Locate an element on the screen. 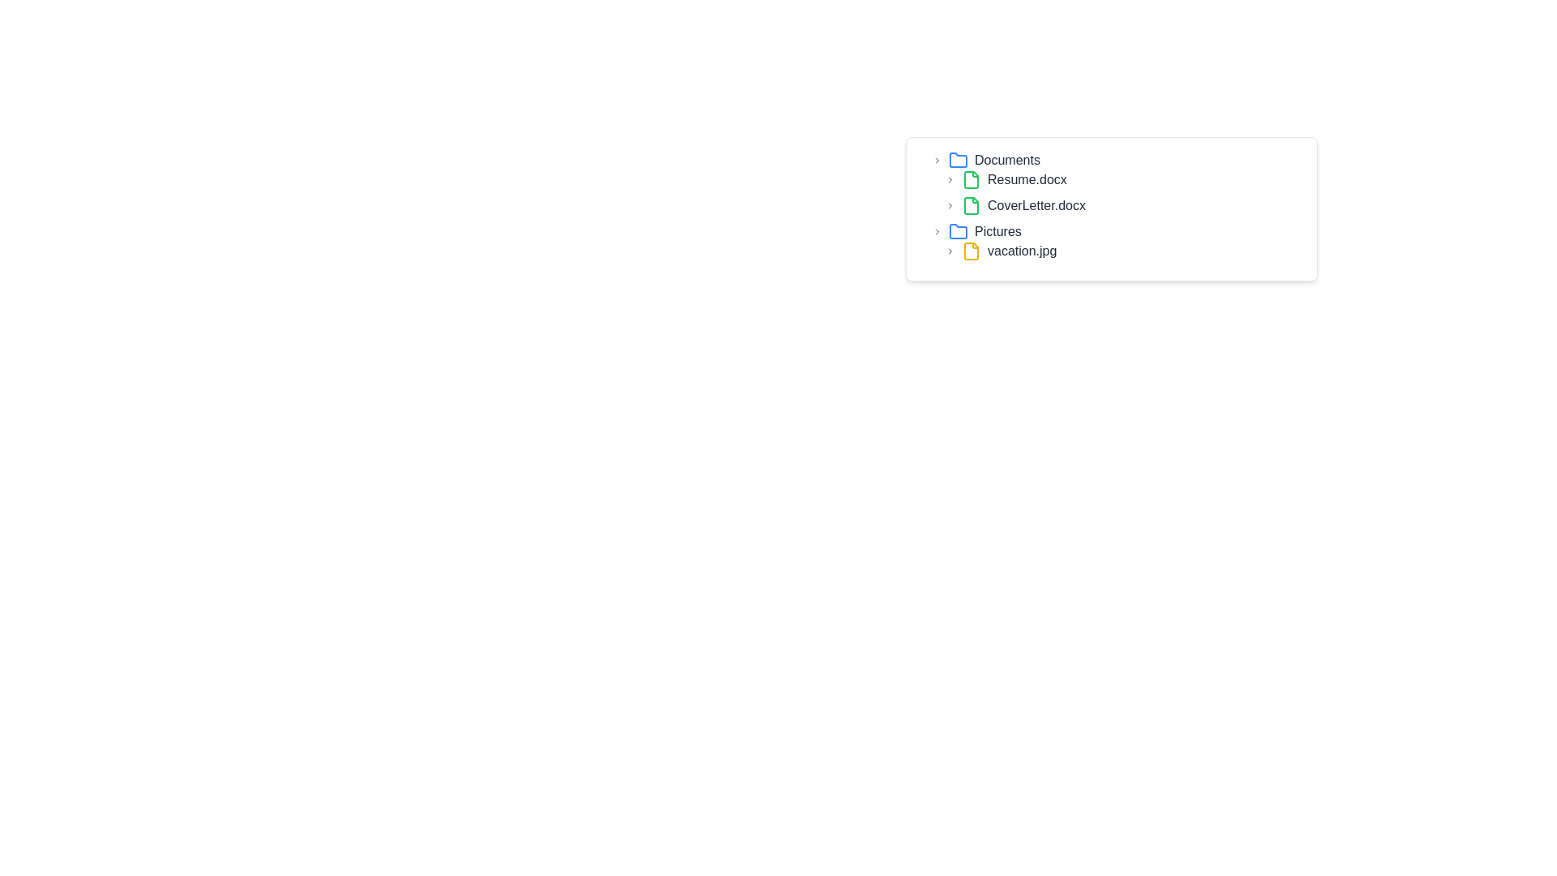  the expandable icon located to the left of the green file icon for 'CoverLetter.docx' is located at coordinates (950, 205).